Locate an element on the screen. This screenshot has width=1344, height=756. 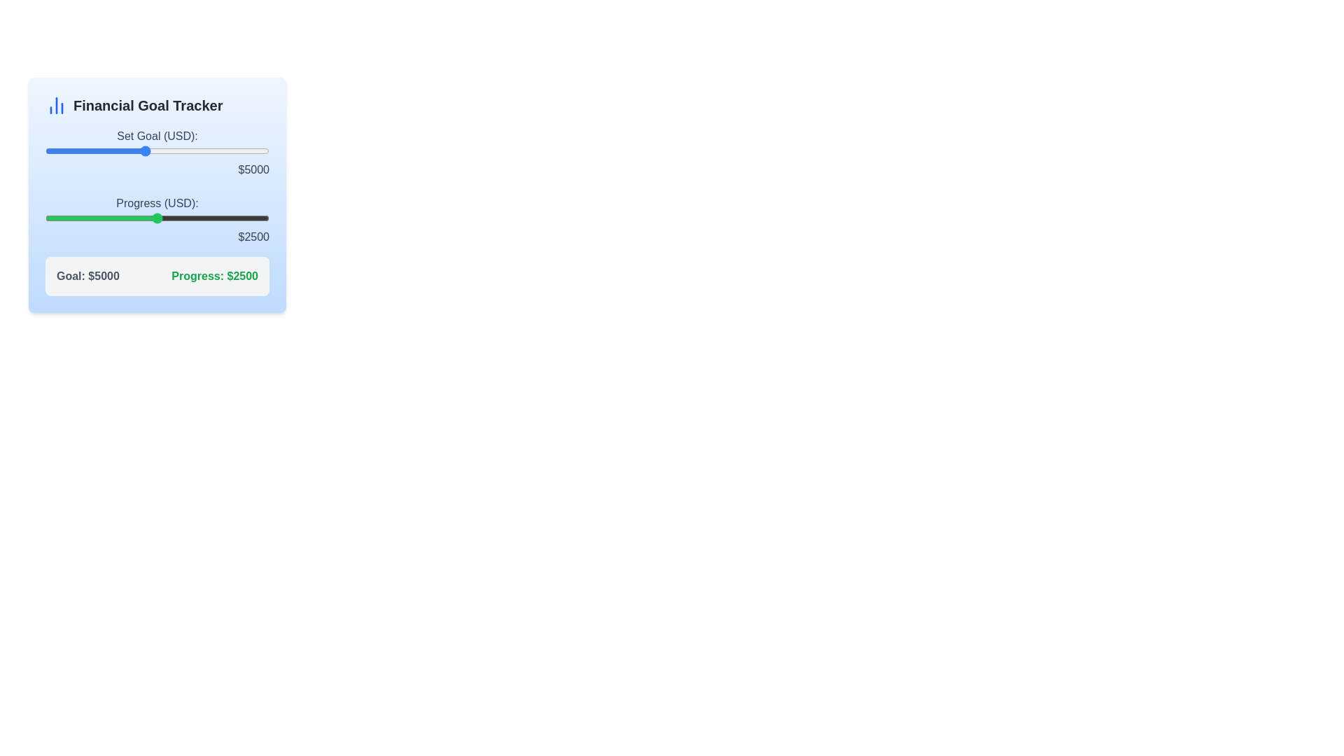
the progress slider to 2013 USD is located at coordinates (135, 218).